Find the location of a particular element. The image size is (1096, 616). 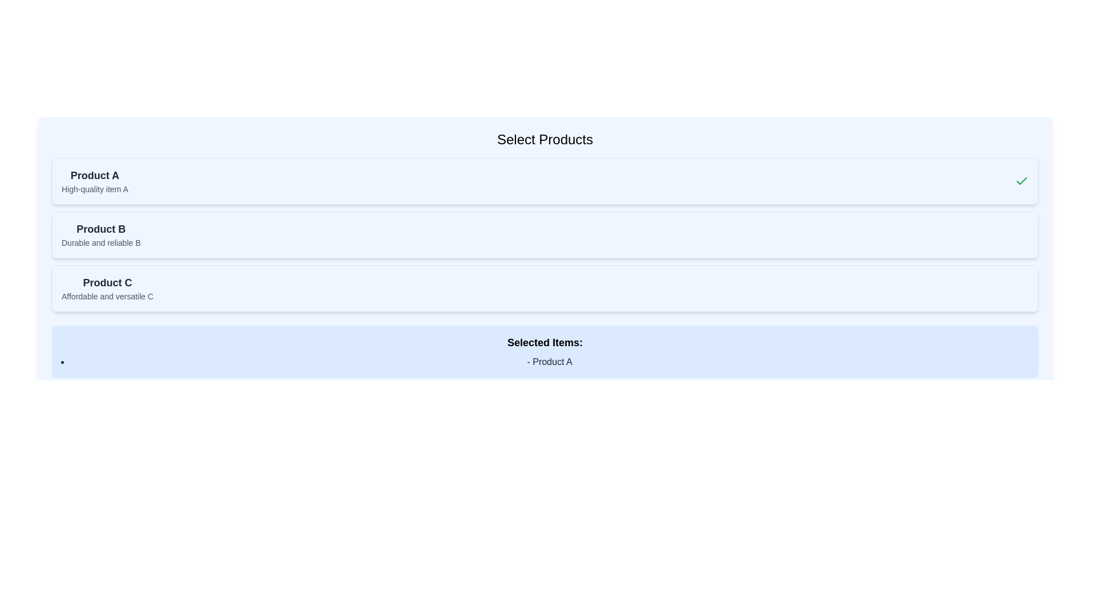

information displayed on the text label that identifies the product details, which is the second listing in a vertical stack of product selection cards is located at coordinates (101, 234).